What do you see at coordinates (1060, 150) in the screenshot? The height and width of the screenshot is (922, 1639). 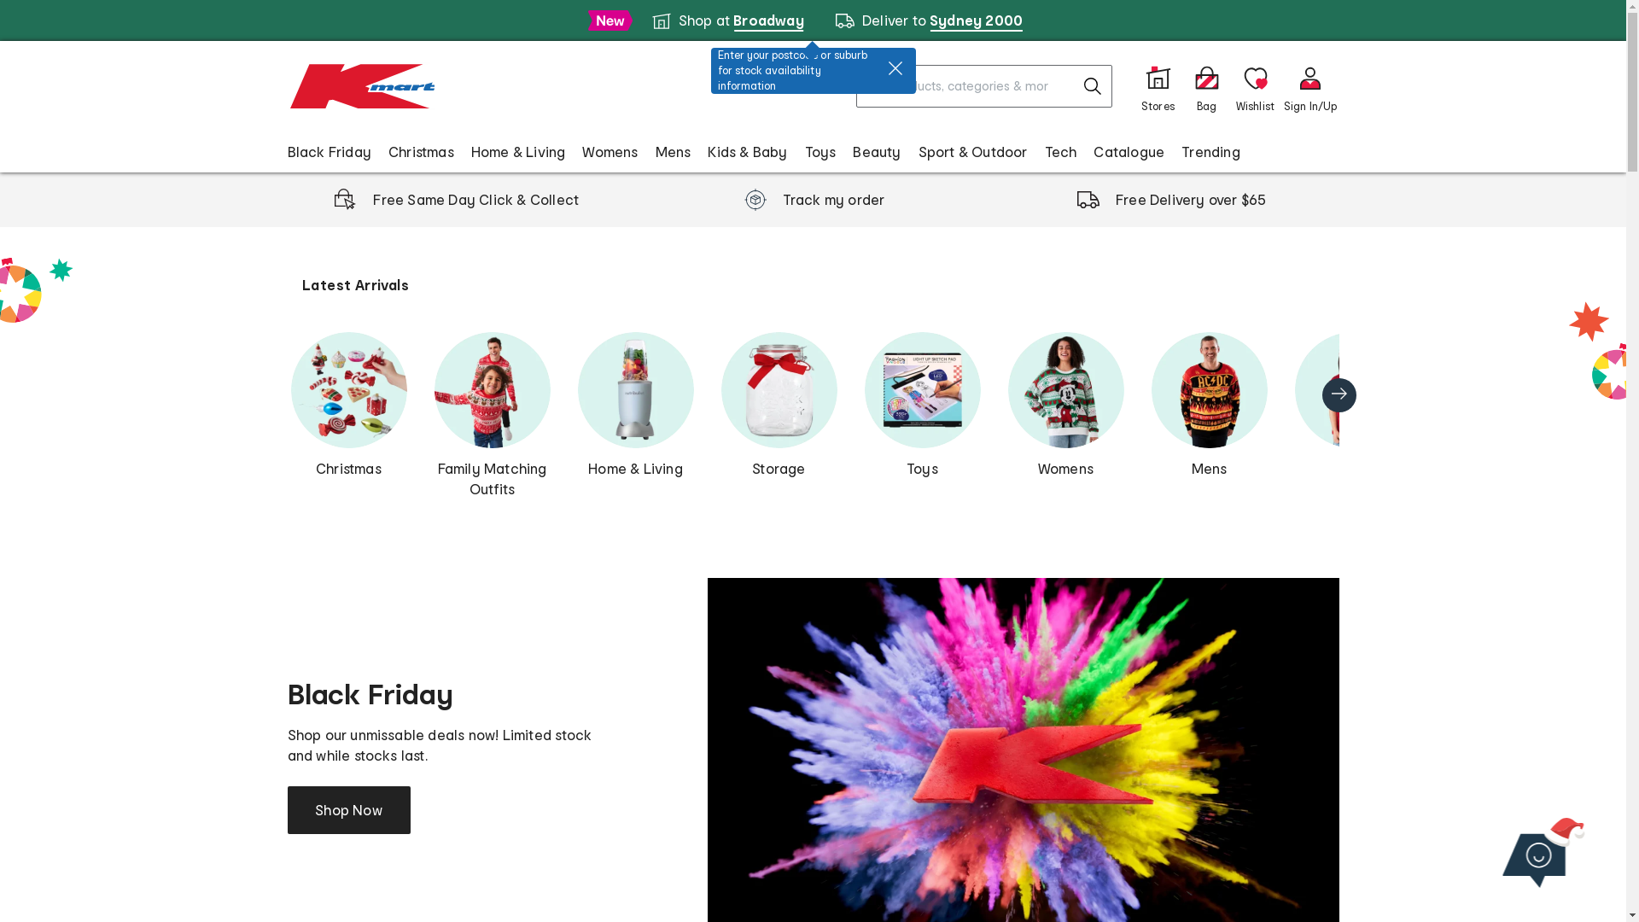 I see `'Tech'` at bounding box center [1060, 150].